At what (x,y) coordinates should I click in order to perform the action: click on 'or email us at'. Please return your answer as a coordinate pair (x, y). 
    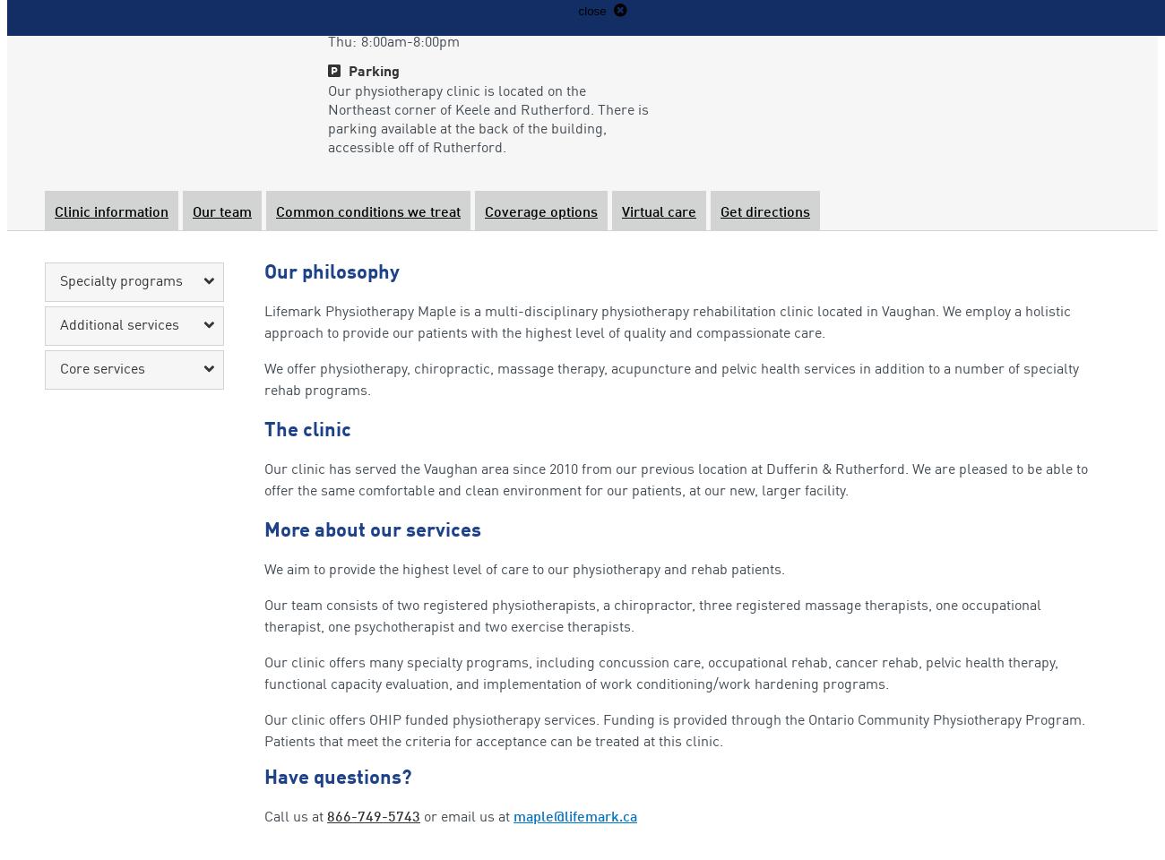
    Looking at the image, I should click on (467, 817).